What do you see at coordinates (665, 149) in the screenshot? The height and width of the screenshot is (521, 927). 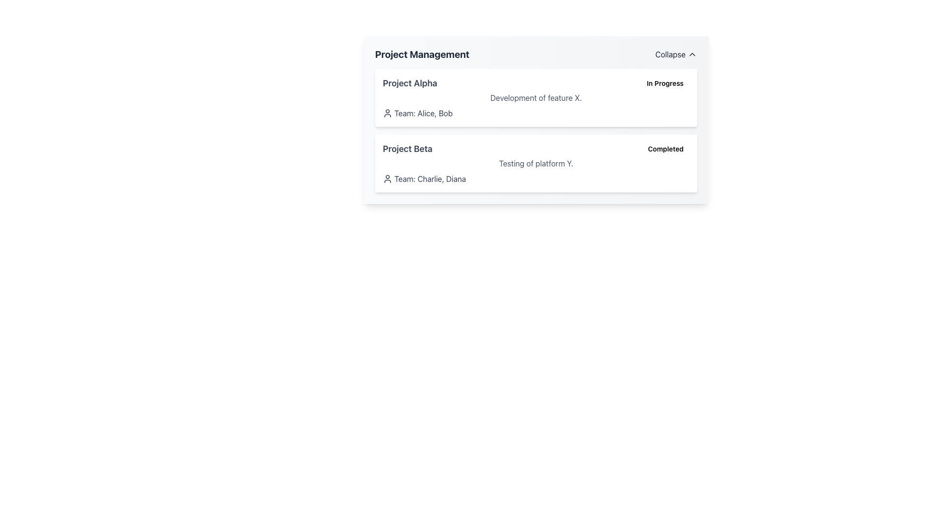 I see `the 'Completed' badge element, which is styled with a rounded background and indicates status in bold green text, located in the second row of the list to the far-right of the 'Project Beta' label` at bounding box center [665, 149].